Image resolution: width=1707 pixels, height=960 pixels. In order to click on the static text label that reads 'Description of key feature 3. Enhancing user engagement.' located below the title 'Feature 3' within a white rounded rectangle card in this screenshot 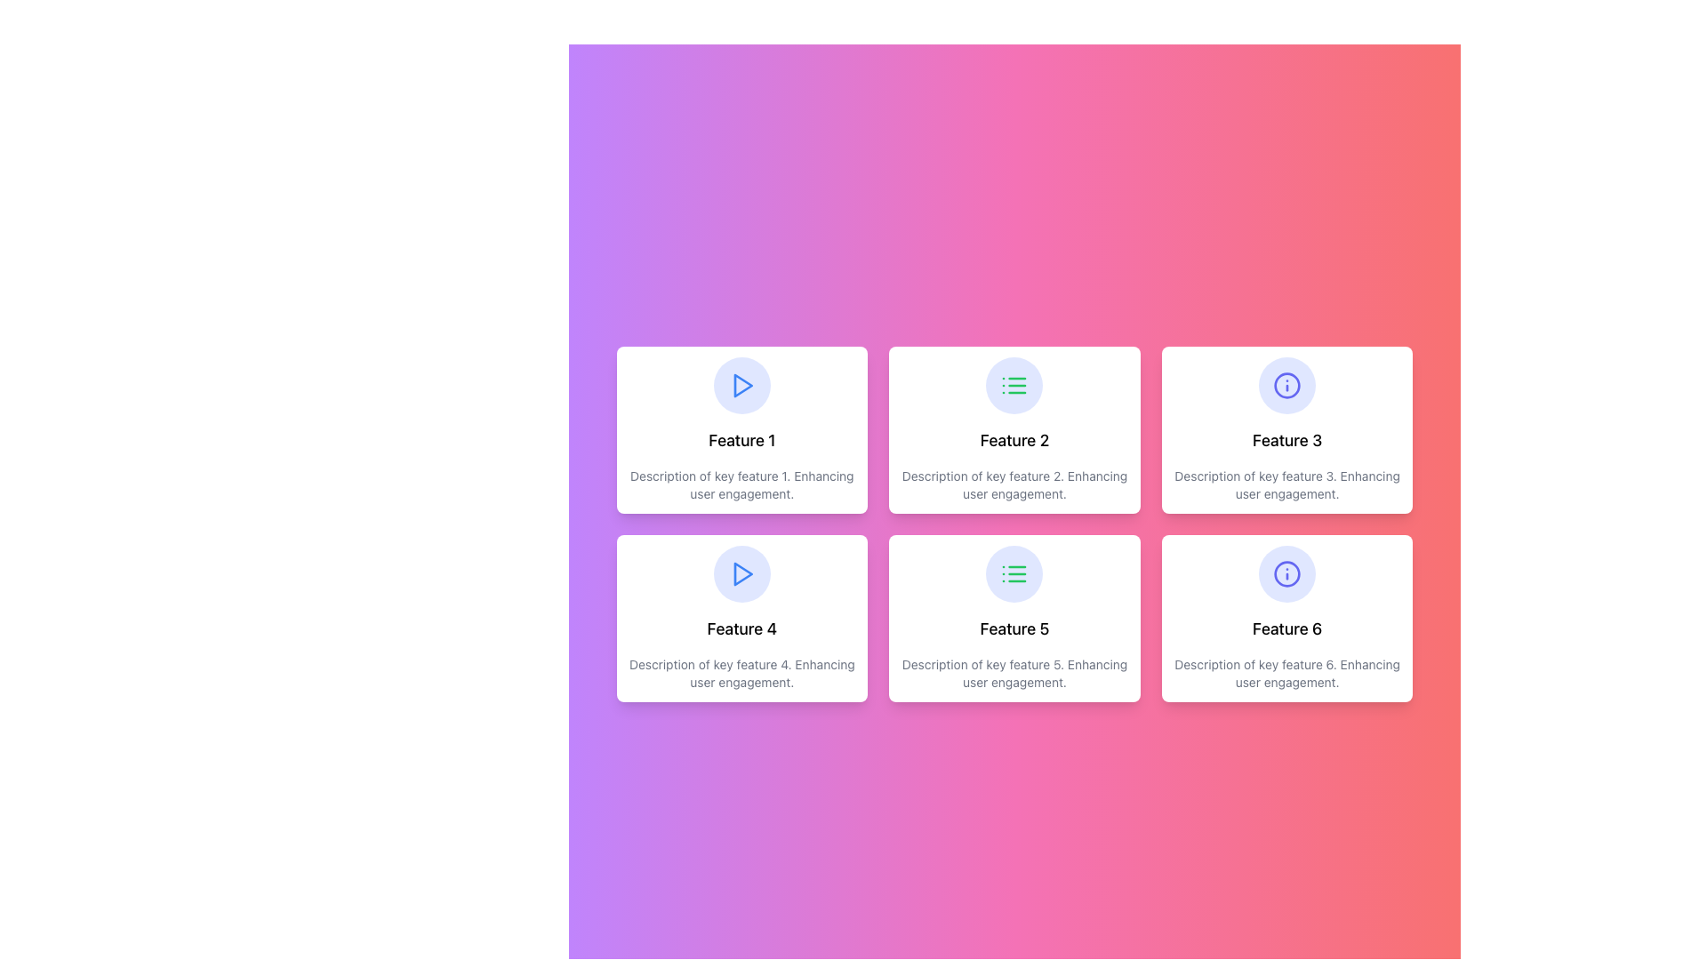, I will do `click(1287, 485)`.